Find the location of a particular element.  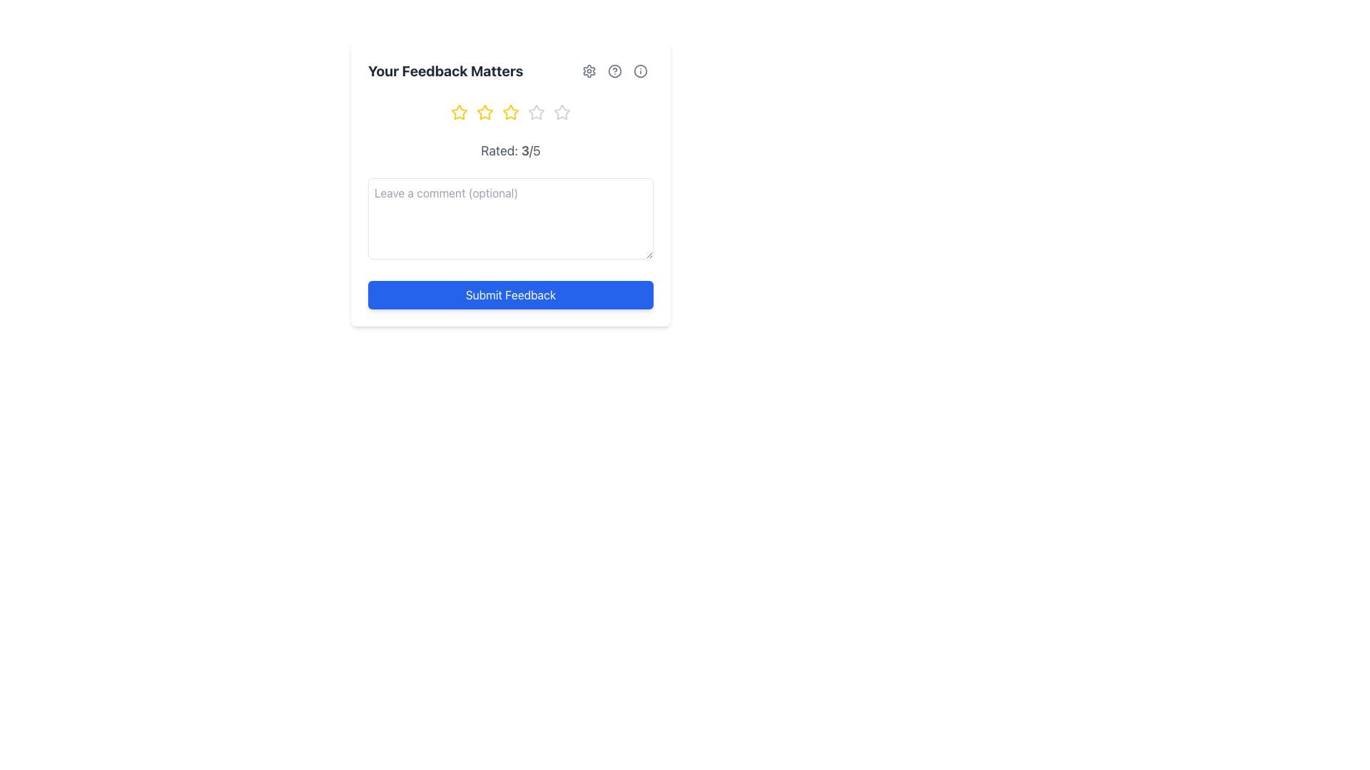

the circular information button with a hollow center and 'i' symbol, located in the top right corner of the feedback card is located at coordinates (639, 71).